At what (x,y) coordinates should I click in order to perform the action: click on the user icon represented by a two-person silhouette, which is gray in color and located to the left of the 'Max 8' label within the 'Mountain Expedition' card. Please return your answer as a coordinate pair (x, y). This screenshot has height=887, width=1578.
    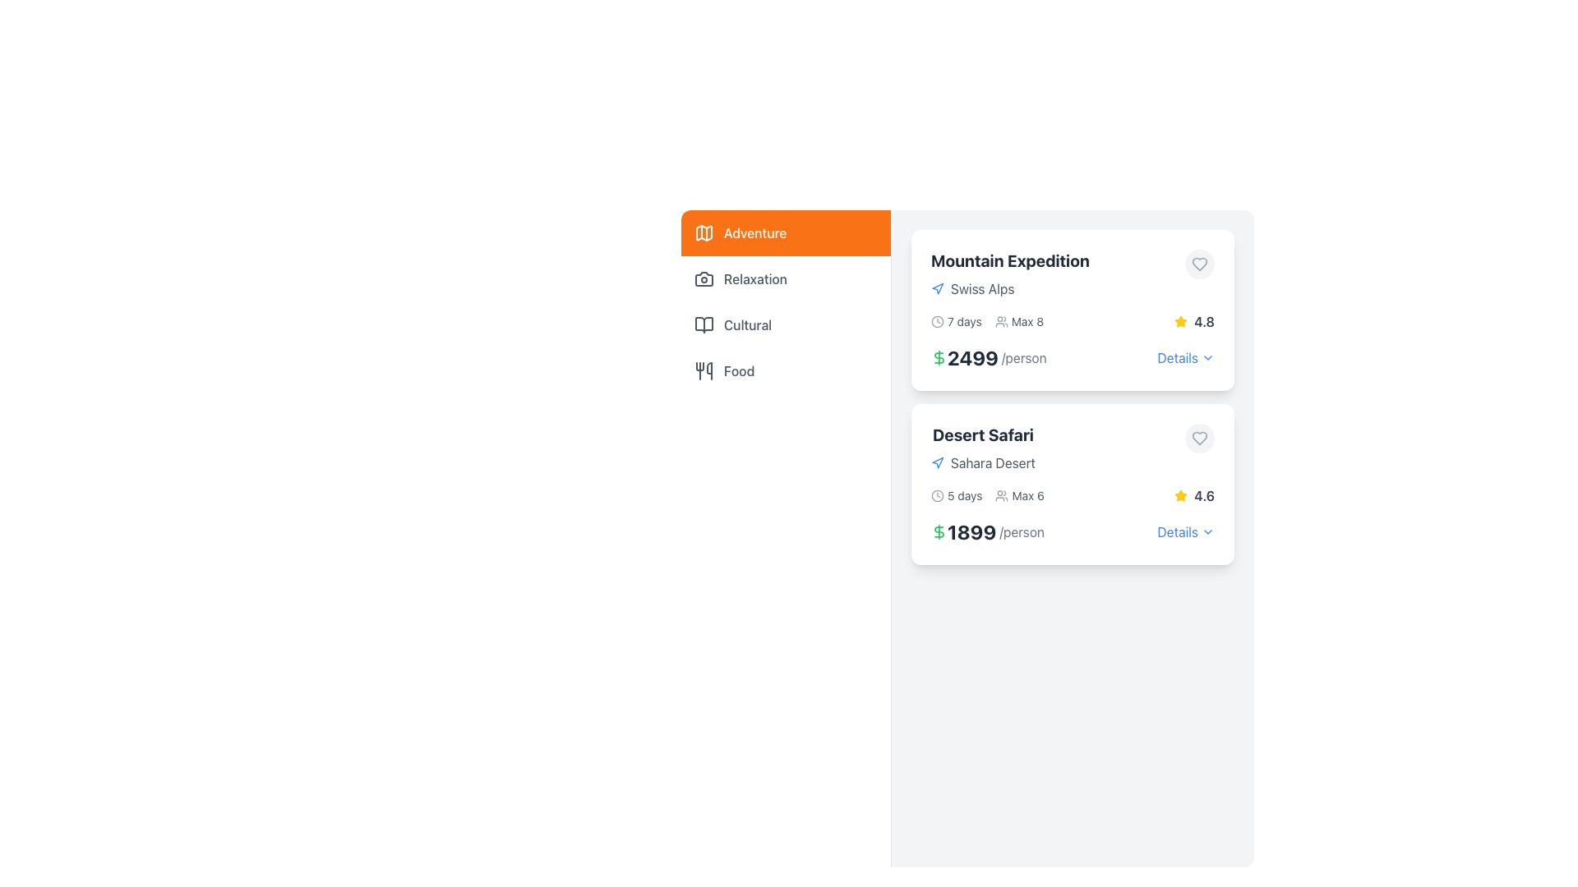
    Looking at the image, I should click on (1000, 322).